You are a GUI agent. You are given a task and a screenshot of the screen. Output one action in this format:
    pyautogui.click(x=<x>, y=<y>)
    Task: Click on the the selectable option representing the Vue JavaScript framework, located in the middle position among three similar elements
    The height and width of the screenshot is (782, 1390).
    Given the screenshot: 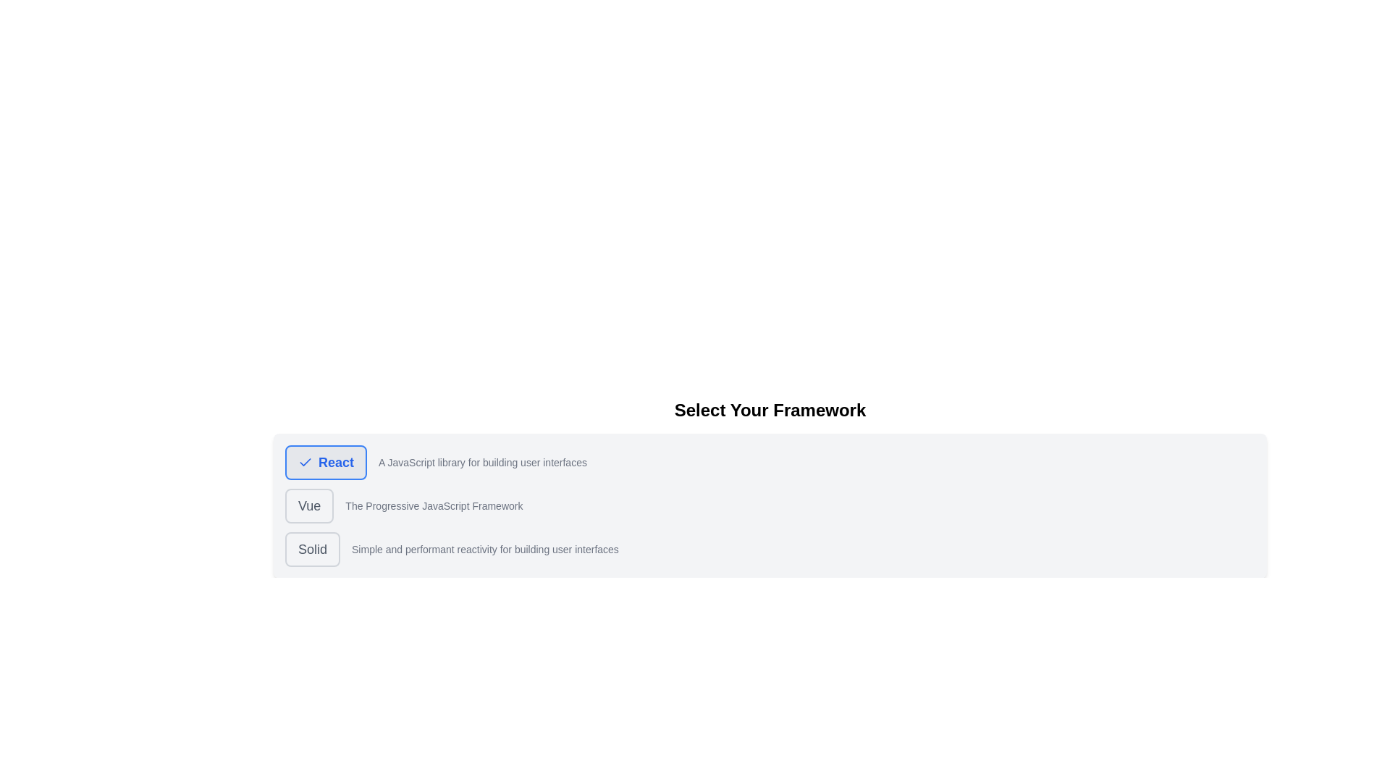 What is the action you would take?
    pyautogui.click(x=770, y=505)
    